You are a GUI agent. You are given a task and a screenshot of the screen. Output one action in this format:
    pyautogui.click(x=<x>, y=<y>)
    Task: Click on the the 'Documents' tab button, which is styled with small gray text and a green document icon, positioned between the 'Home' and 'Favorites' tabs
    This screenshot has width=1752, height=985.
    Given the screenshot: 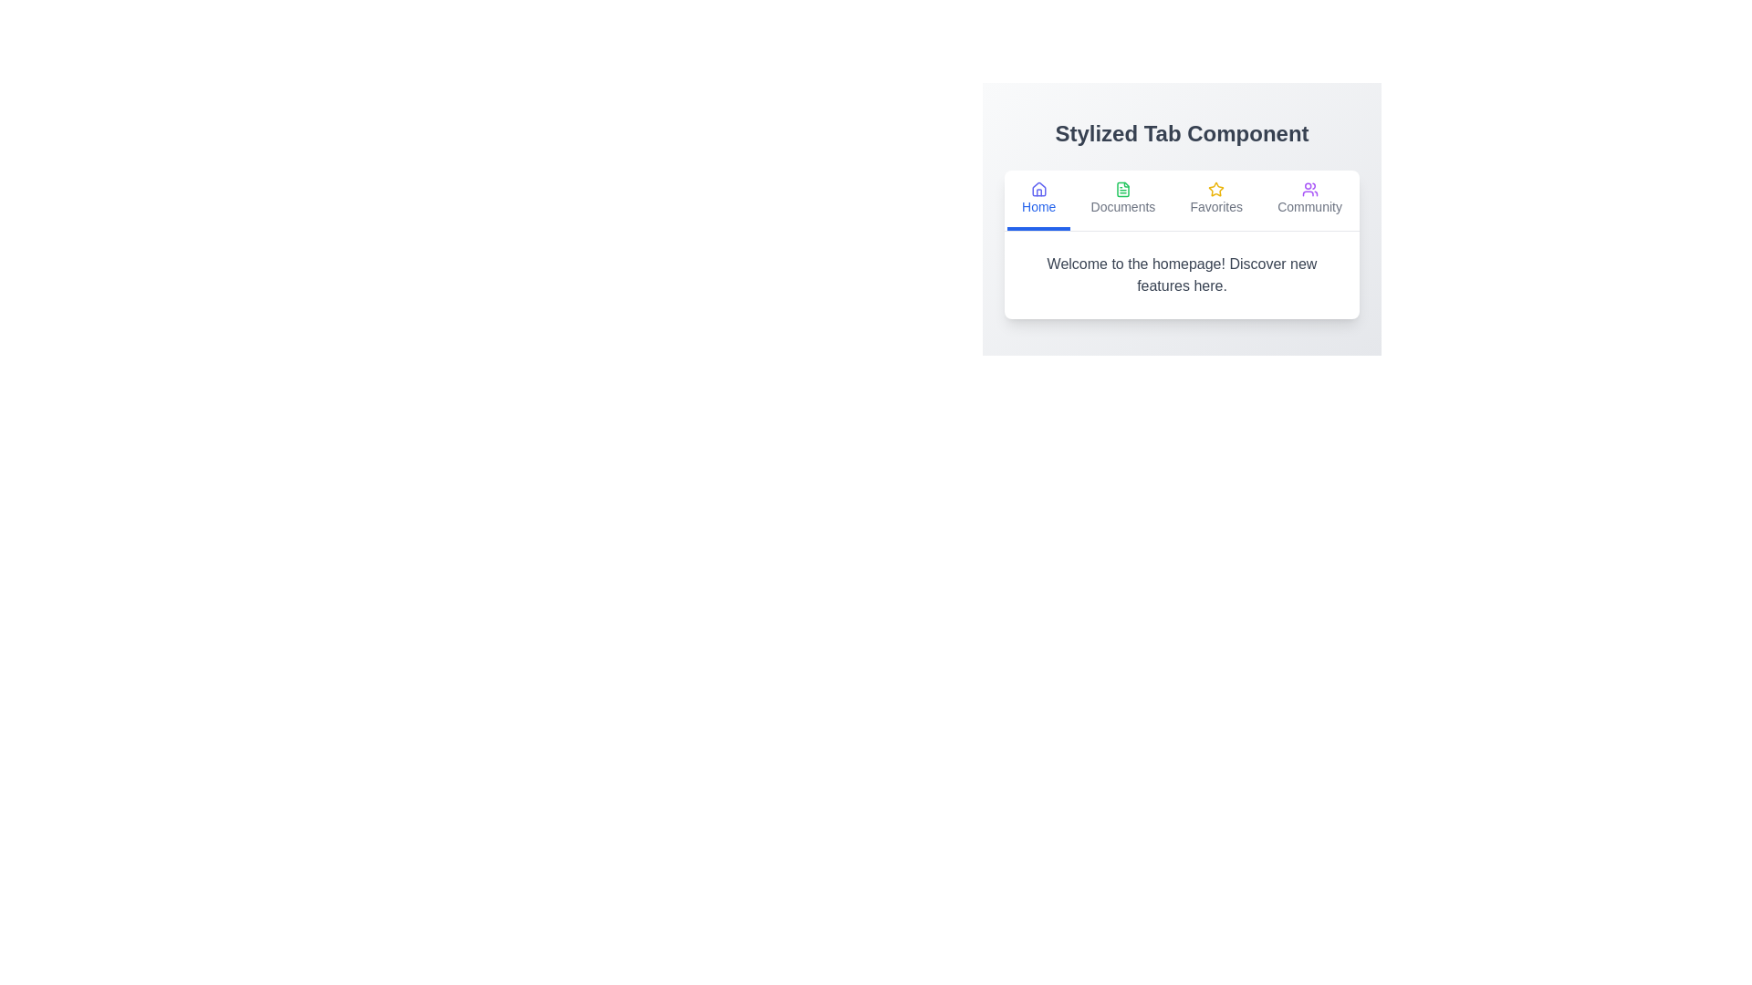 What is the action you would take?
    pyautogui.click(x=1121, y=200)
    